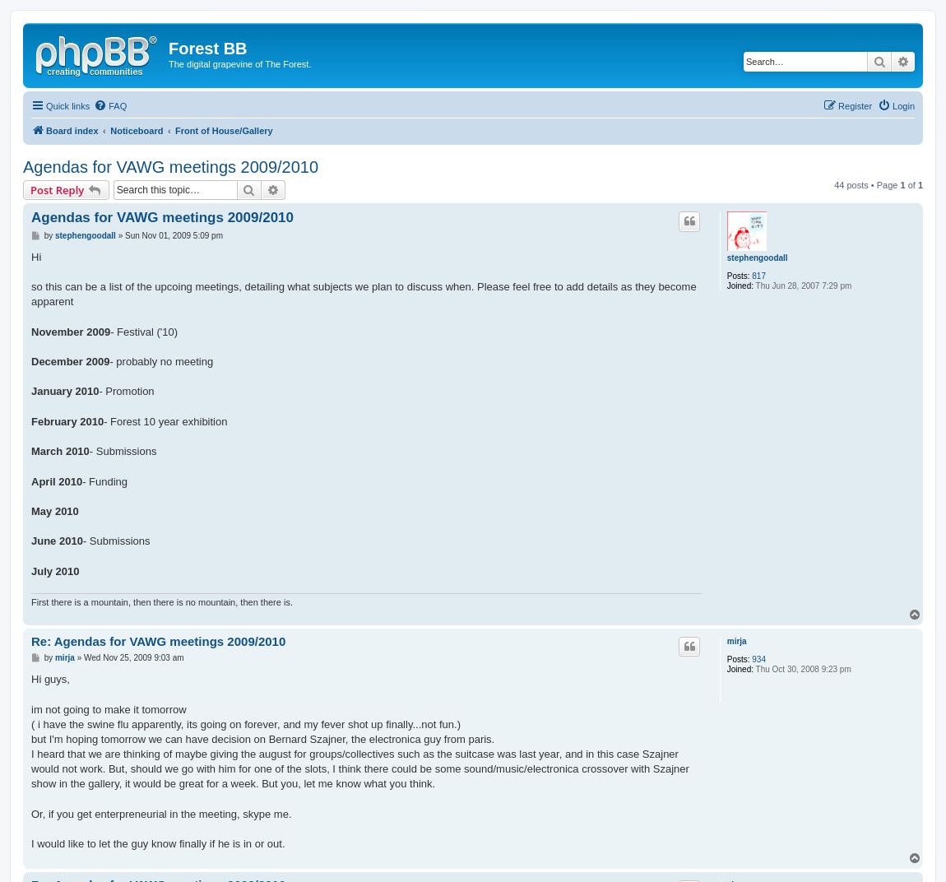 The height and width of the screenshot is (882, 946). What do you see at coordinates (363, 294) in the screenshot?
I see `'so this can be a list of the upcoing meetings, detailing what subjects we plan to discuss when. Please feel free to add details as they become apparent'` at bounding box center [363, 294].